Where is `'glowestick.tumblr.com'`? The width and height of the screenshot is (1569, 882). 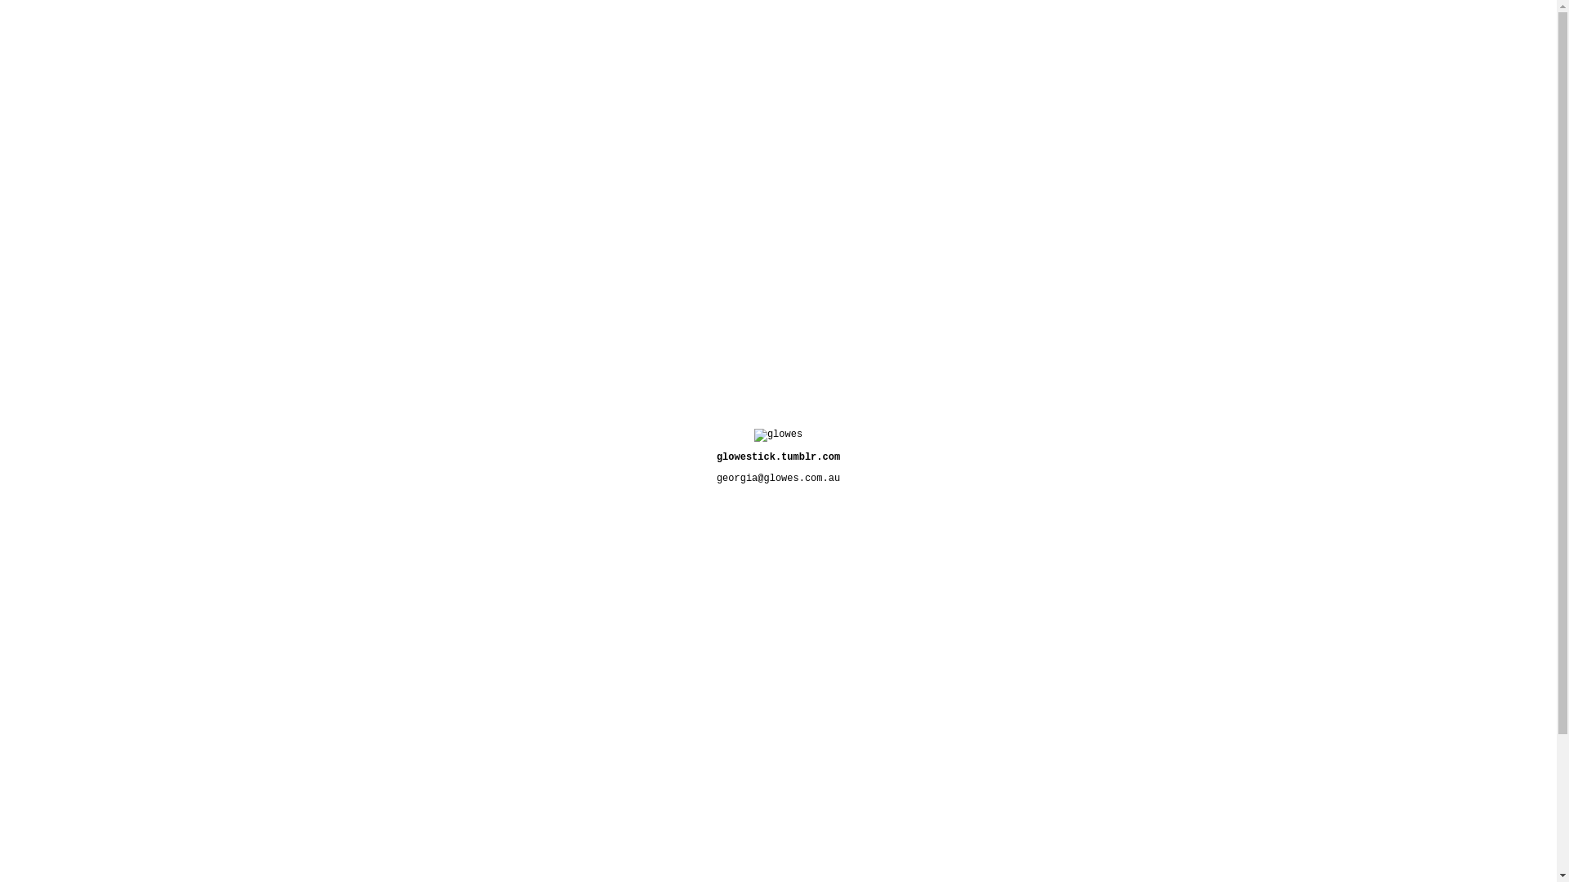
'glowestick.tumblr.com' is located at coordinates (777, 457).